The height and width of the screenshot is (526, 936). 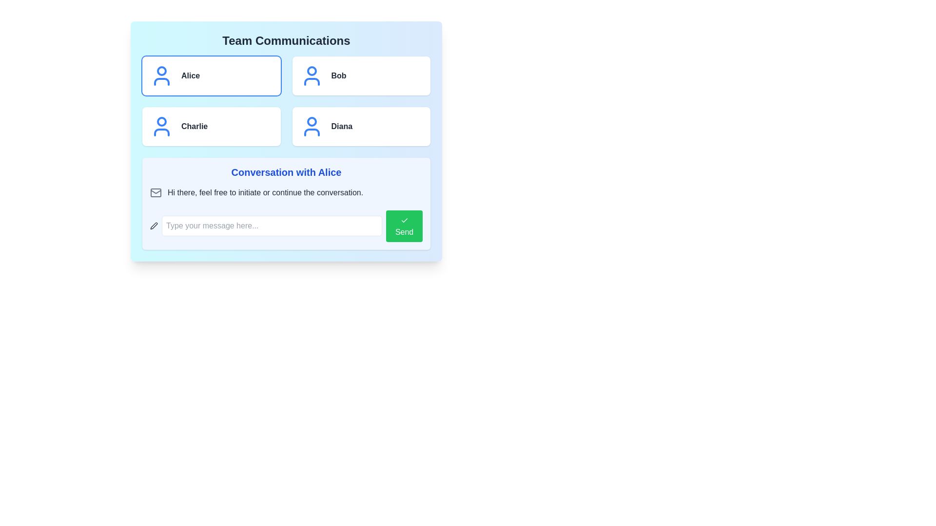 What do you see at coordinates (404, 226) in the screenshot?
I see `the submit button located to the far right of the text input box labeled 'Type your message here...'` at bounding box center [404, 226].